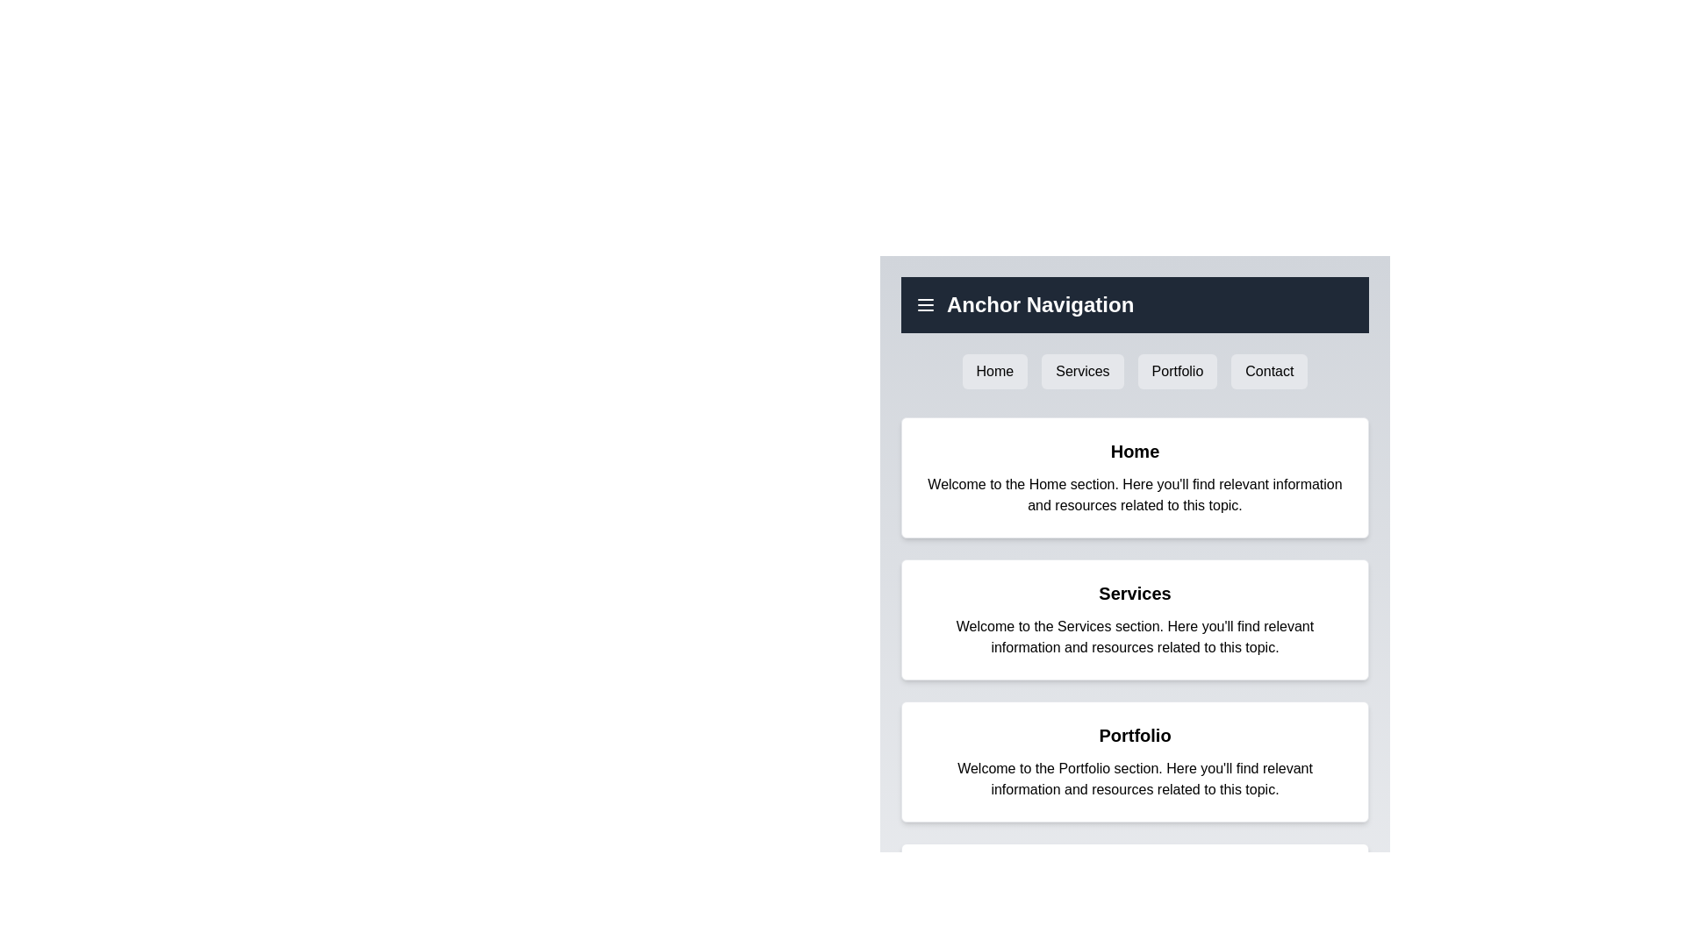 The height and width of the screenshot is (947, 1685). Describe the element at coordinates (925, 303) in the screenshot. I see `the Hamburger Menu Icon located at the top left corner of the interface, next to the 'Anchor Navigation' title` at that location.